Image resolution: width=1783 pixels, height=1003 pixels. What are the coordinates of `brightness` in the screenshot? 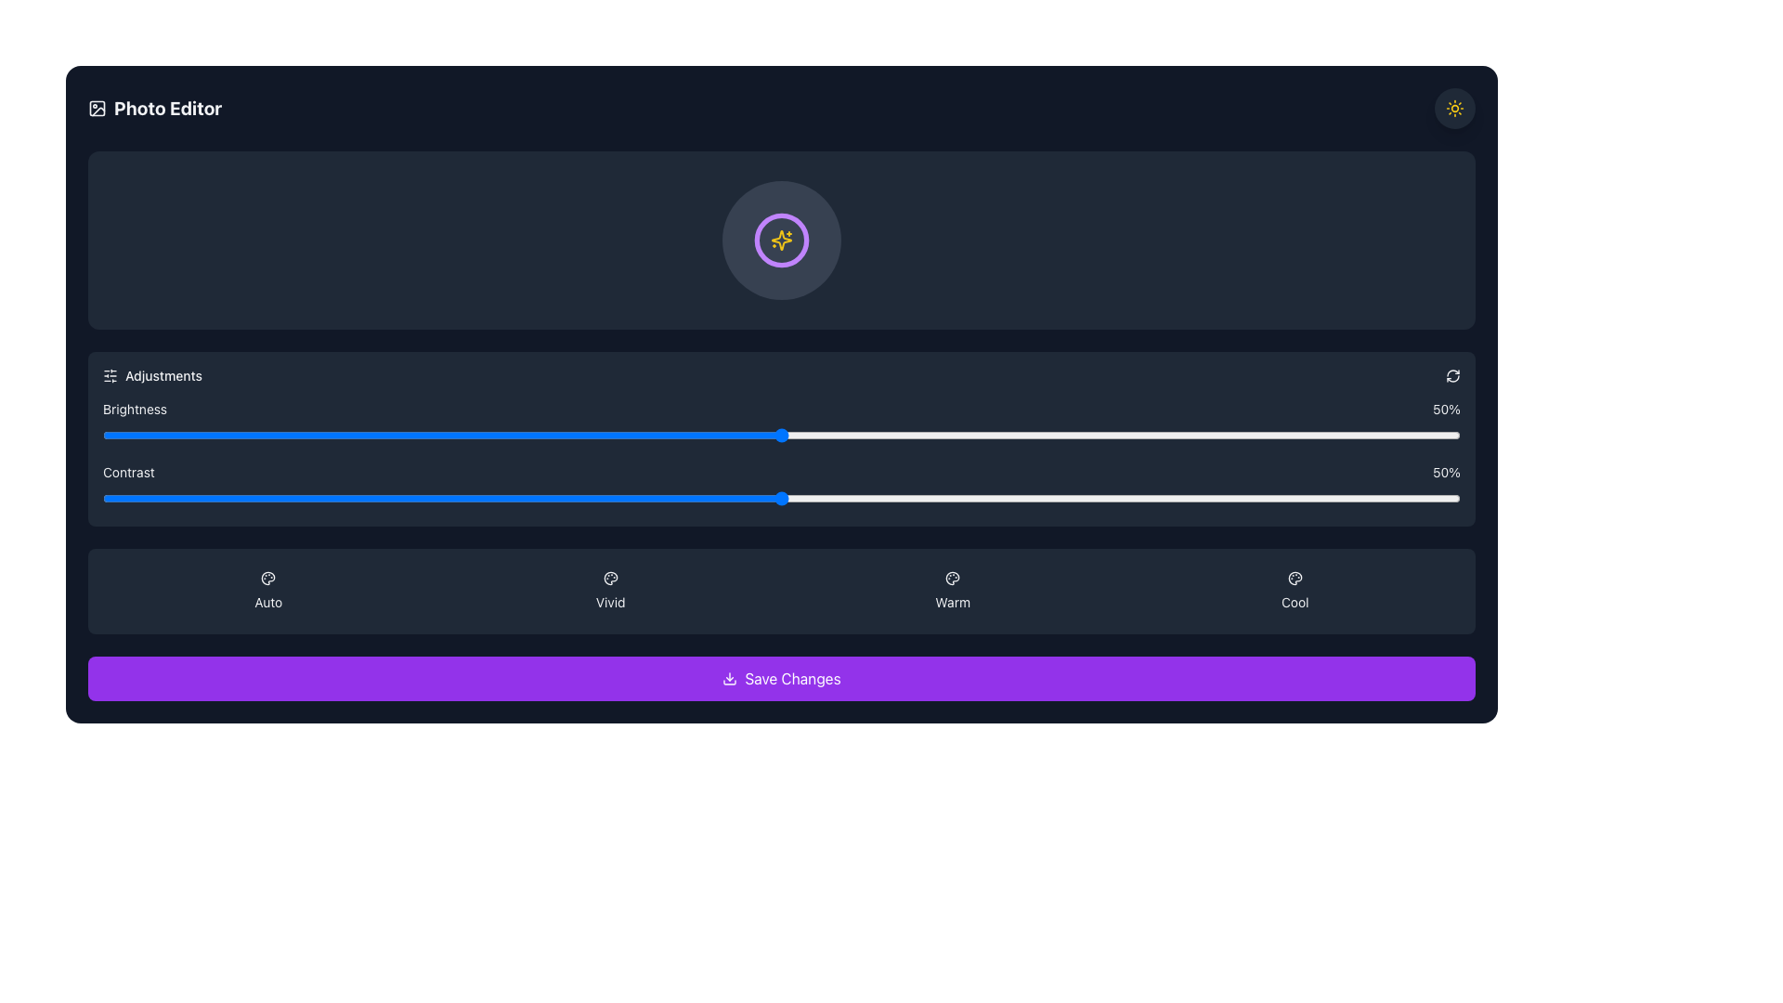 It's located at (279, 436).